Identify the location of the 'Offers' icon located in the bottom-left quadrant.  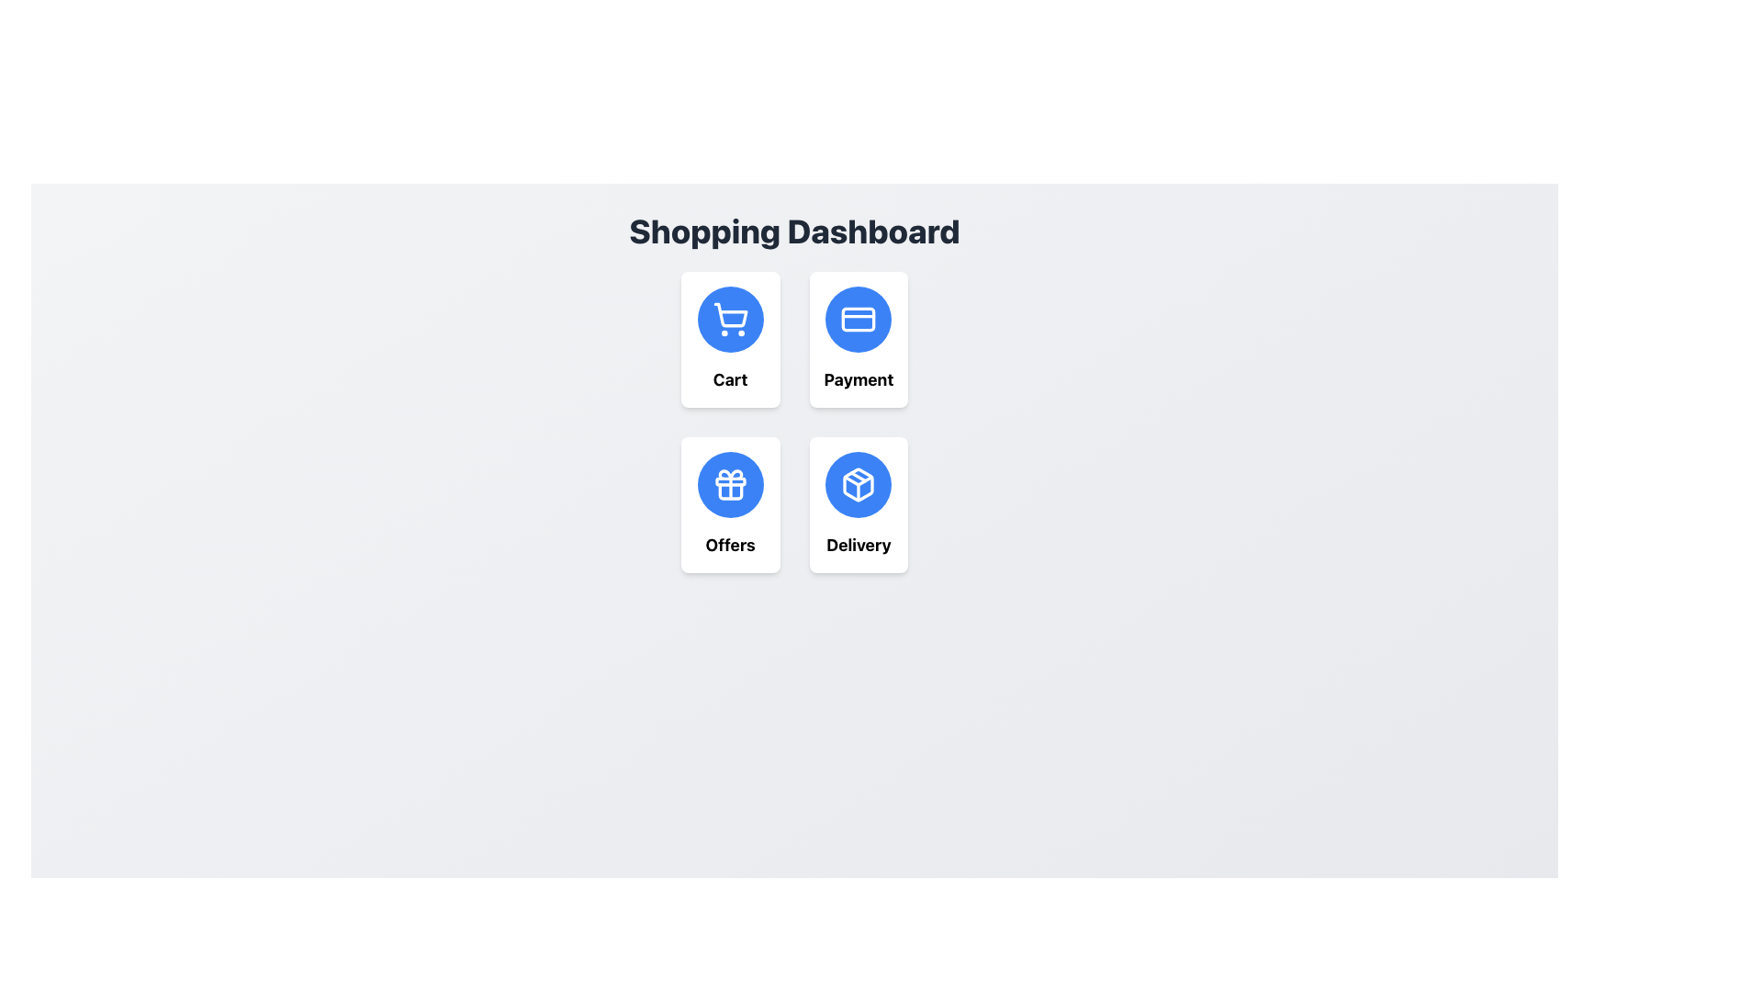
(729, 484).